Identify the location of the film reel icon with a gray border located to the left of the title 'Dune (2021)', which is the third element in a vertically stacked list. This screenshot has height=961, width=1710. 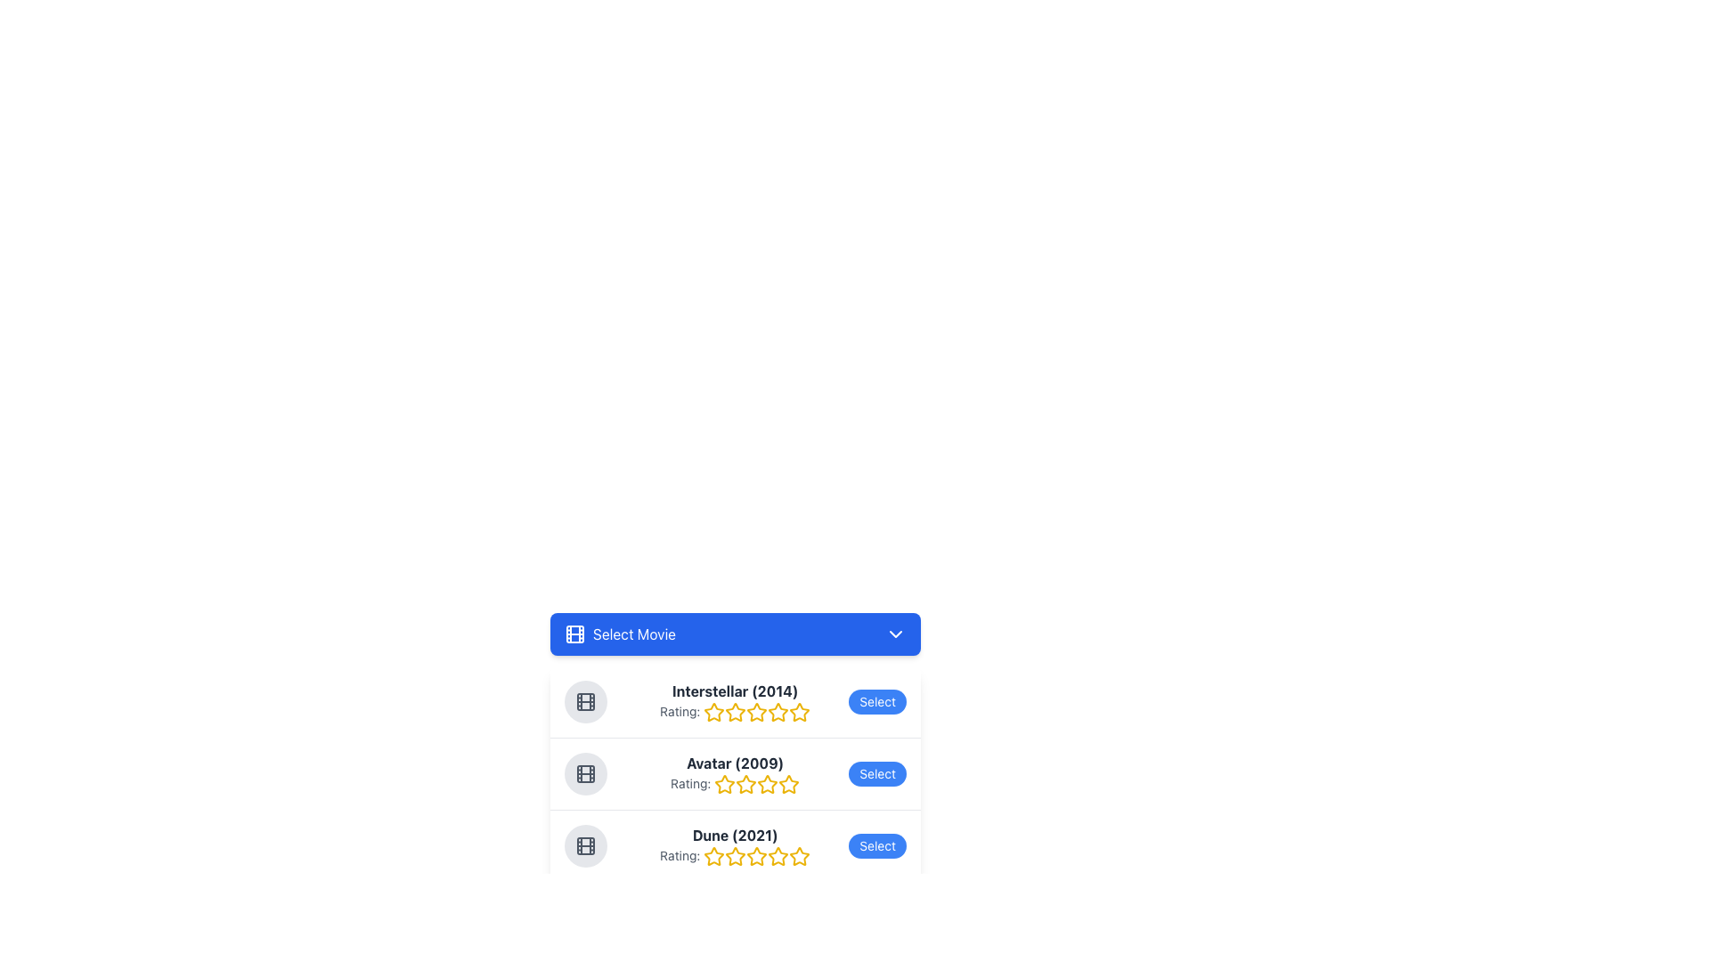
(585, 845).